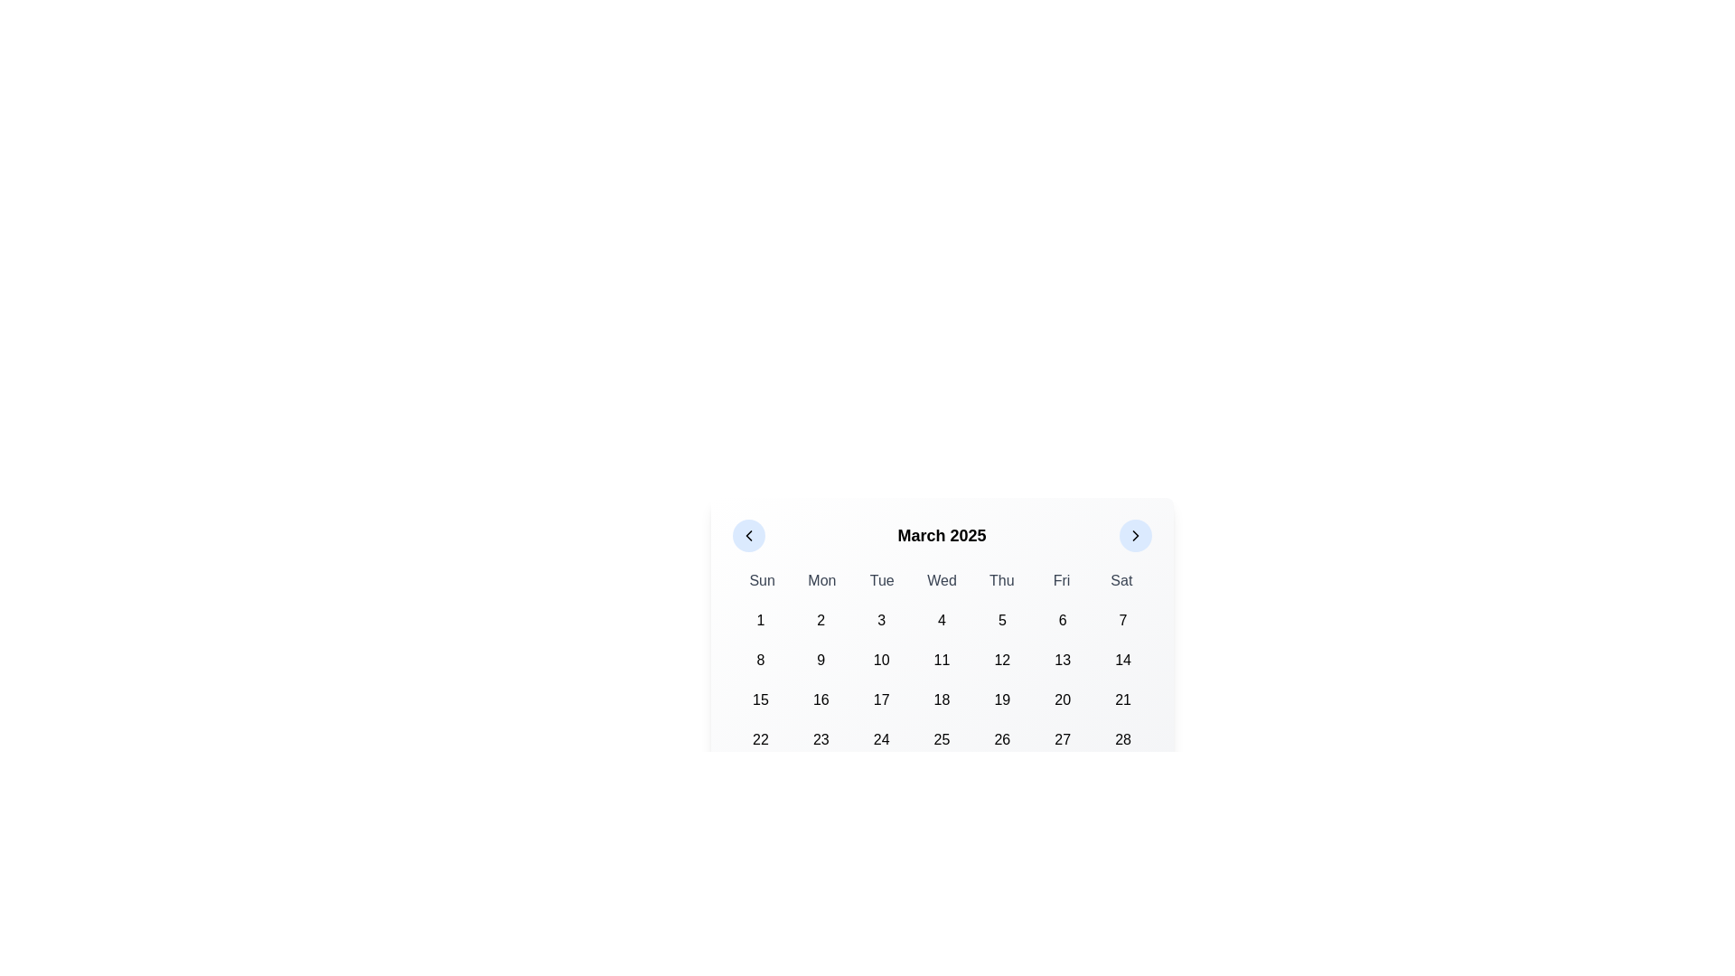  Describe the element at coordinates (820, 739) in the screenshot. I see `the selectable date button located in the second cell of the sixth row under the 'Mon' header in the calendar interface` at that location.